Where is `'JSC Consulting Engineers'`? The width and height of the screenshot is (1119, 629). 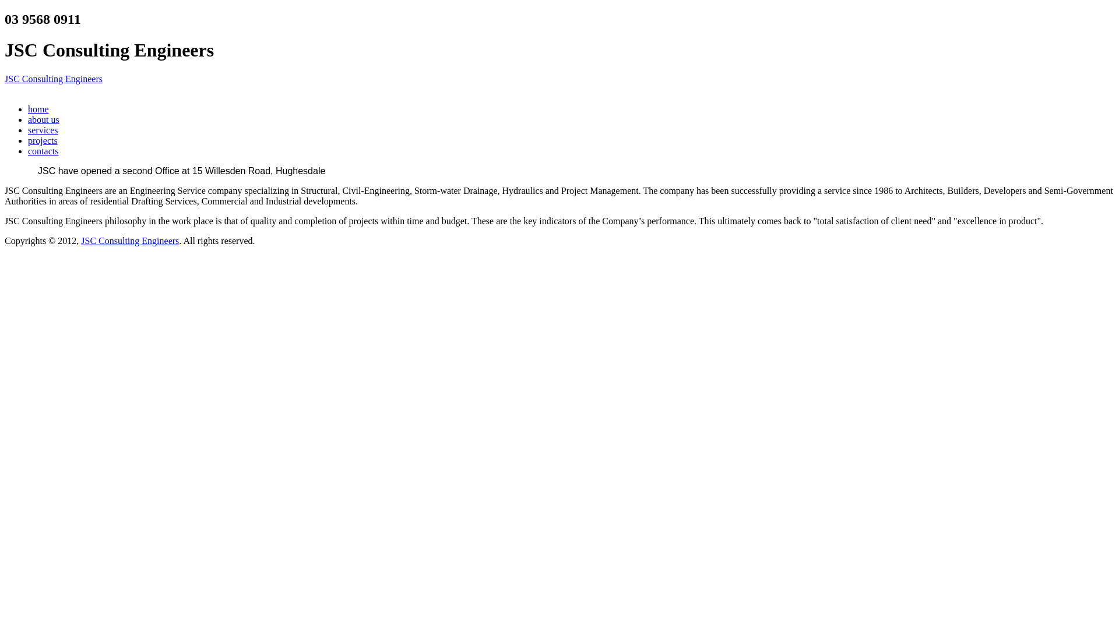 'JSC Consulting Engineers' is located at coordinates (129, 240).